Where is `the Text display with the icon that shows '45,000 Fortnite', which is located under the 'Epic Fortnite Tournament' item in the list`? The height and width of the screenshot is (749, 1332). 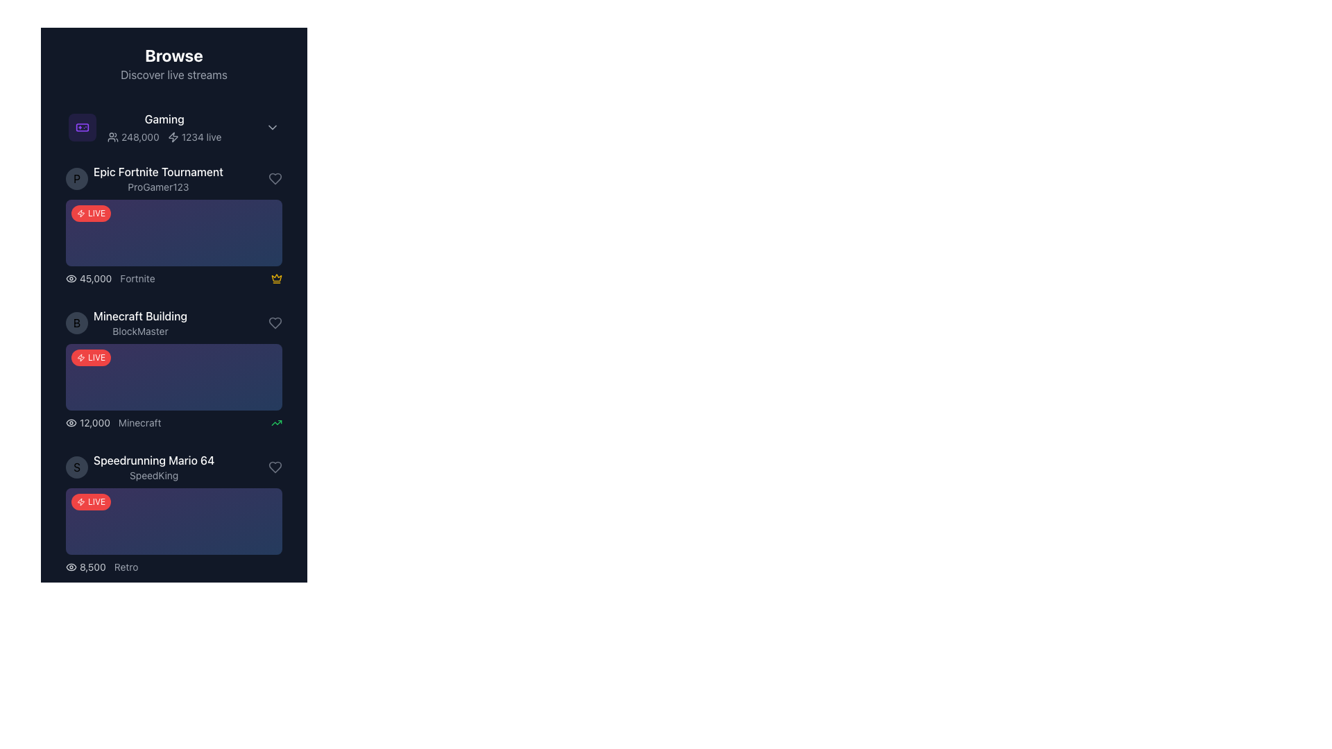 the Text display with the icon that shows '45,000 Fortnite', which is located under the 'Epic Fortnite Tournament' item in the list is located at coordinates (110, 278).